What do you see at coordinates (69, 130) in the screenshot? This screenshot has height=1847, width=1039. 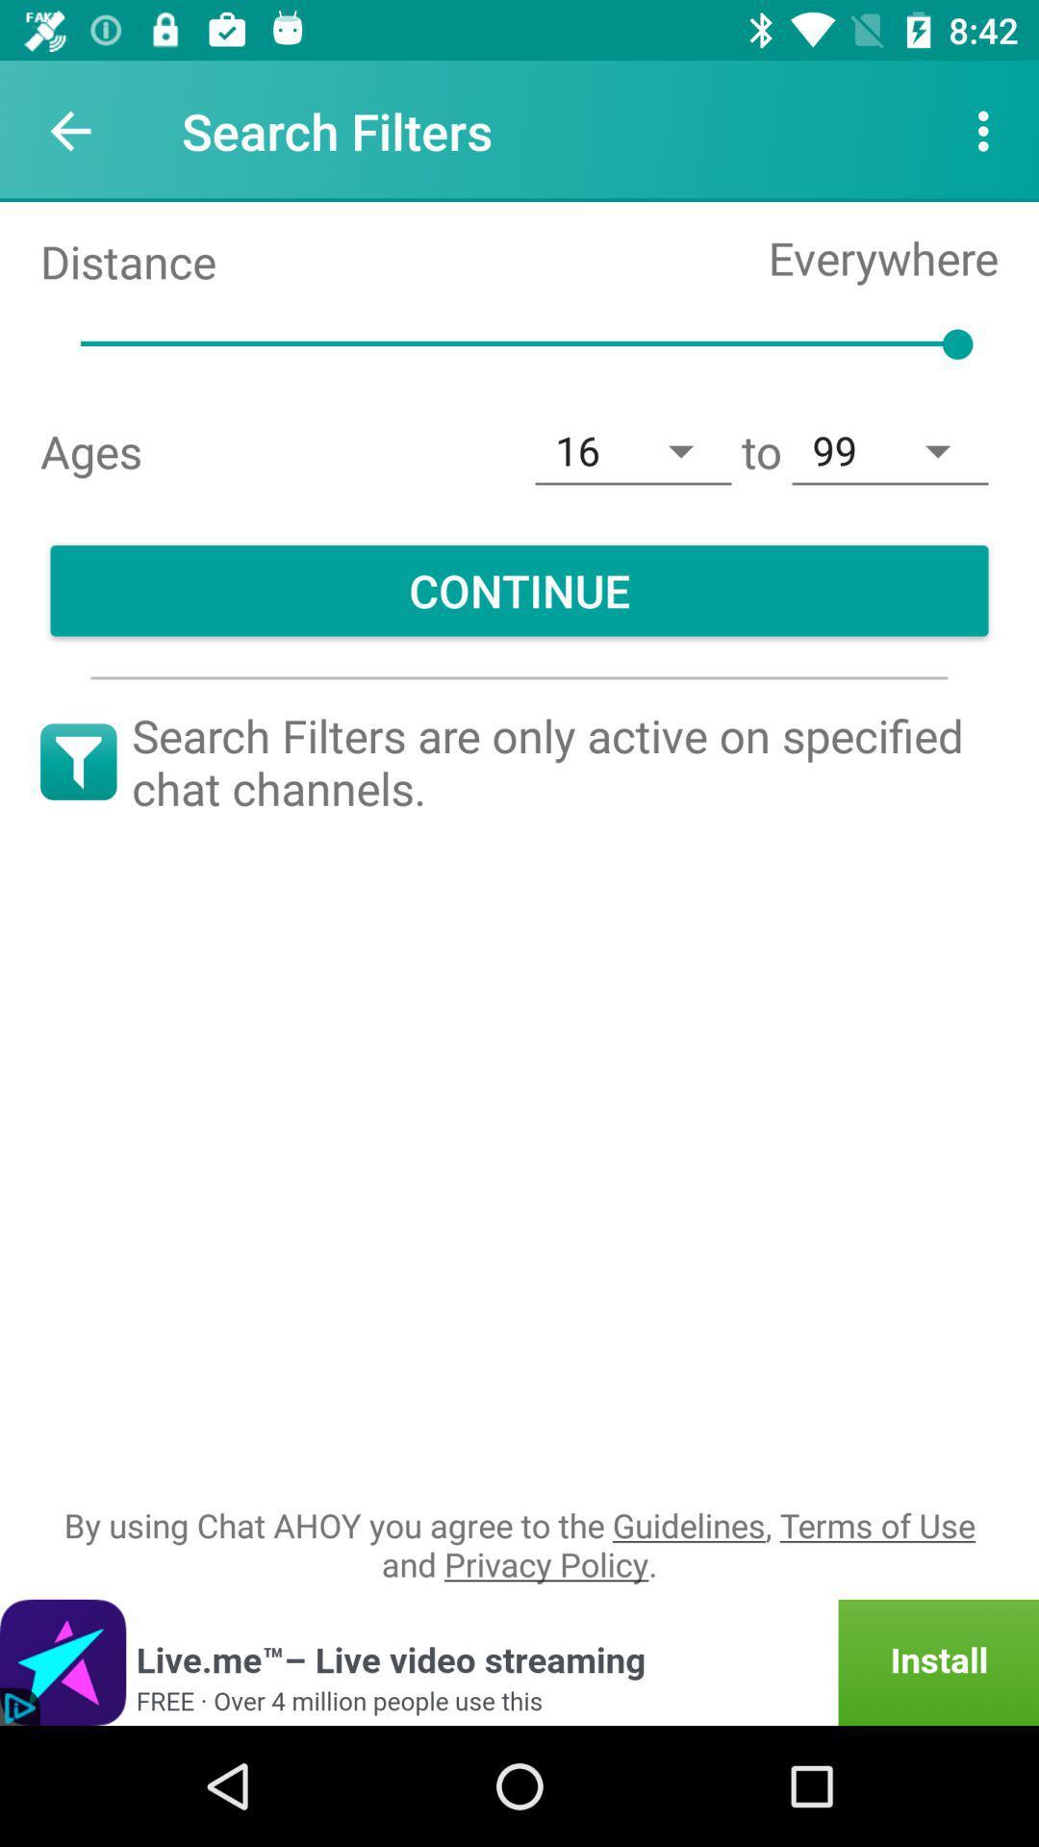 I see `icon to the left of the search filters item` at bounding box center [69, 130].